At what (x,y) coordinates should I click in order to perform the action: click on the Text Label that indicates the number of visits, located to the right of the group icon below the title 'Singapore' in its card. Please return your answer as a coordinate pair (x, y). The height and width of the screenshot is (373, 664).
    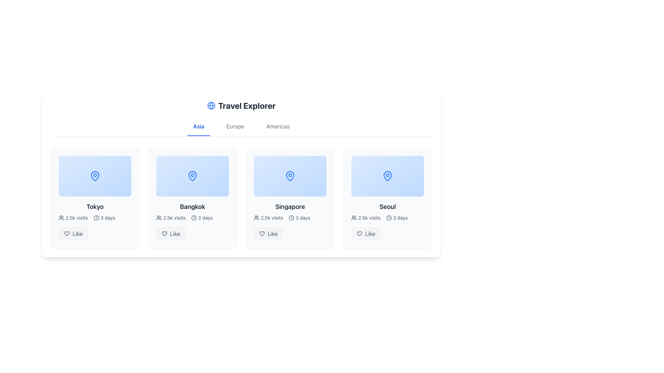
    Looking at the image, I should click on (271, 218).